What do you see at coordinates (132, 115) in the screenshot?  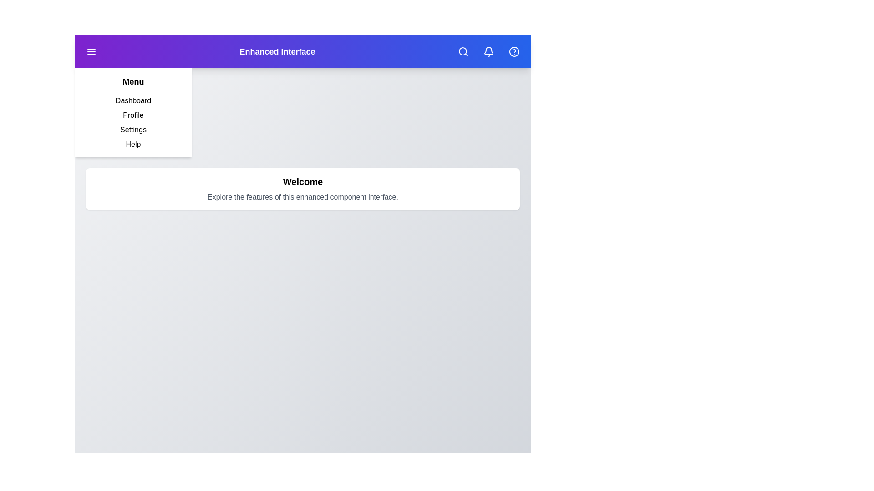 I see `the menu item Profile from the sidebar` at bounding box center [132, 115].